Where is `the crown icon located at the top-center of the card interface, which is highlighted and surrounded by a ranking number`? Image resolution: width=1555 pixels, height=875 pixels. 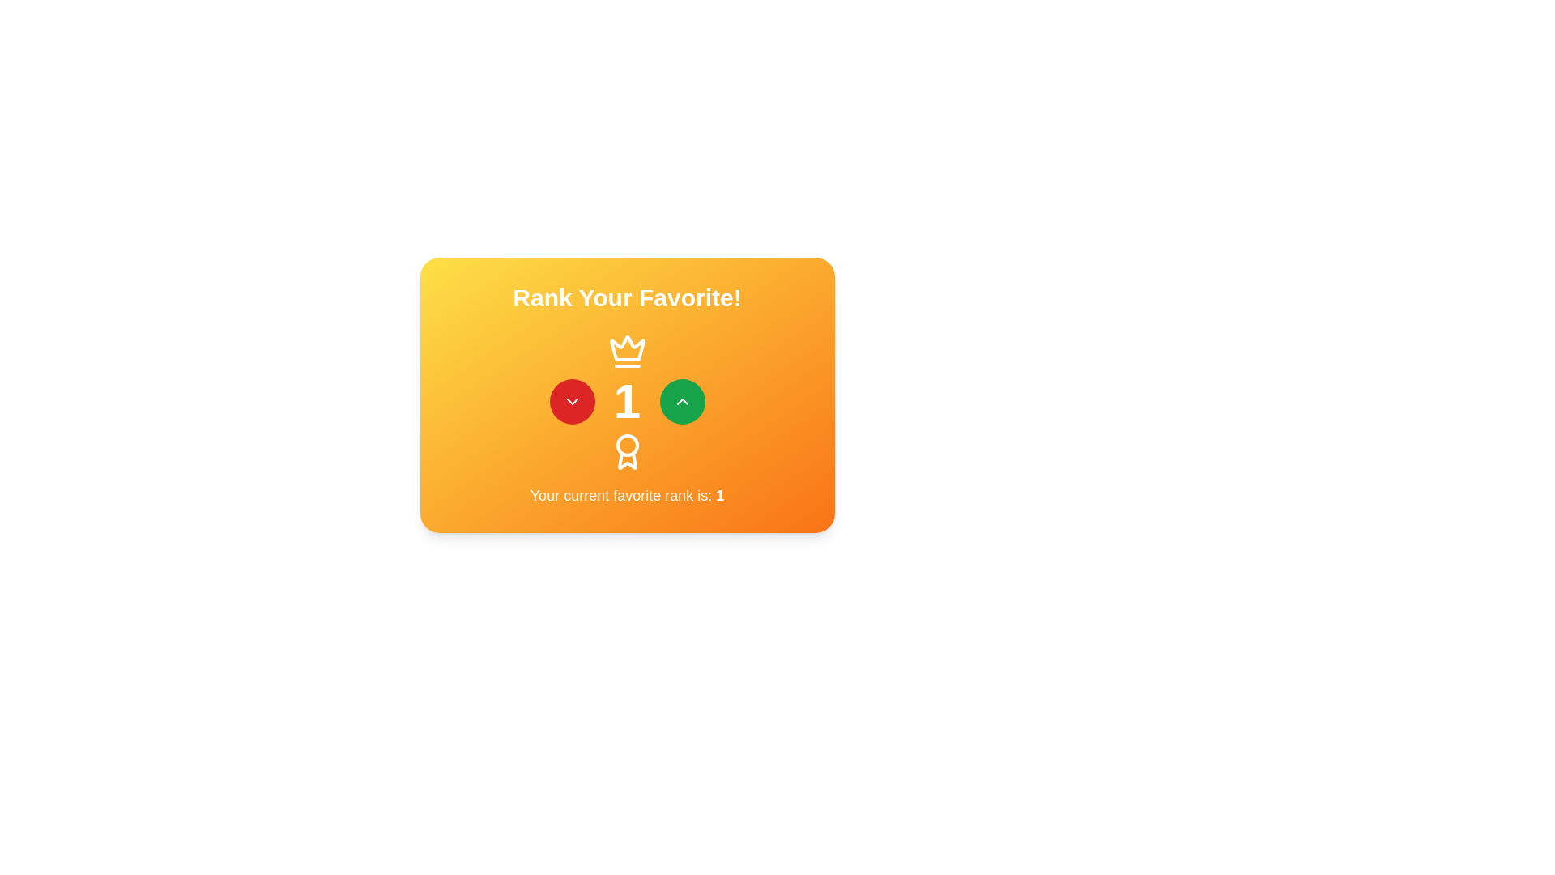 the crown icon located at the top-center of the card interface, which is highlighted and surrounded by a ranking number is located at coordinates (626, 351).